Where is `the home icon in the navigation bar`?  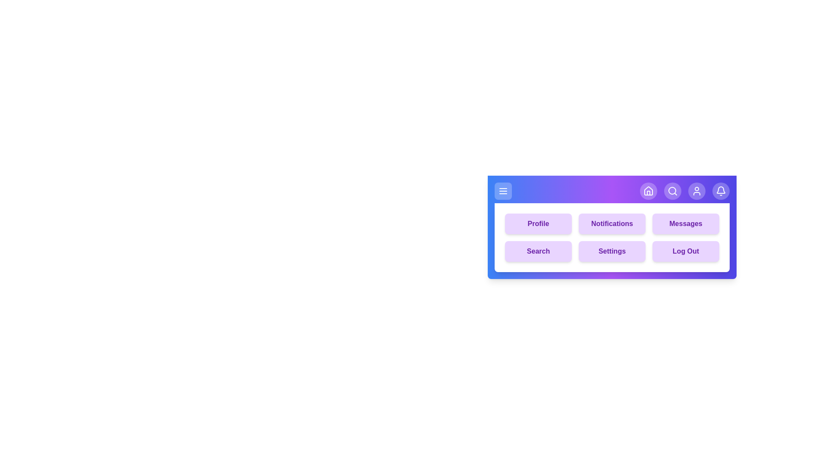
the home icon in the navigation bar is located at coordinates (648, 190).